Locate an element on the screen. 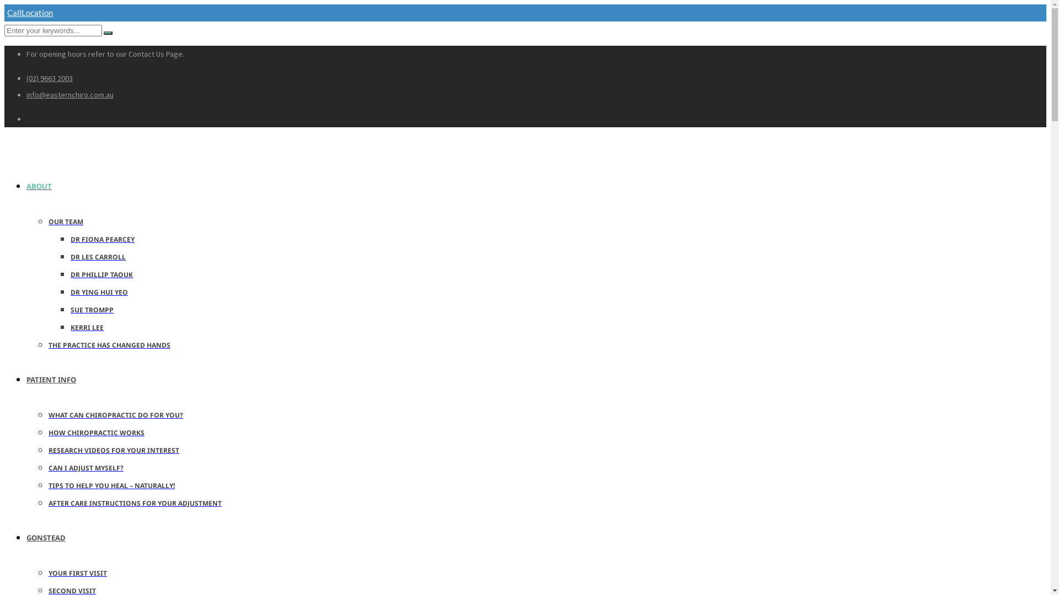 This screenshot has height=595, width=1059. 'info@easternchiro.com.au' is located at coordinates (69, 94).